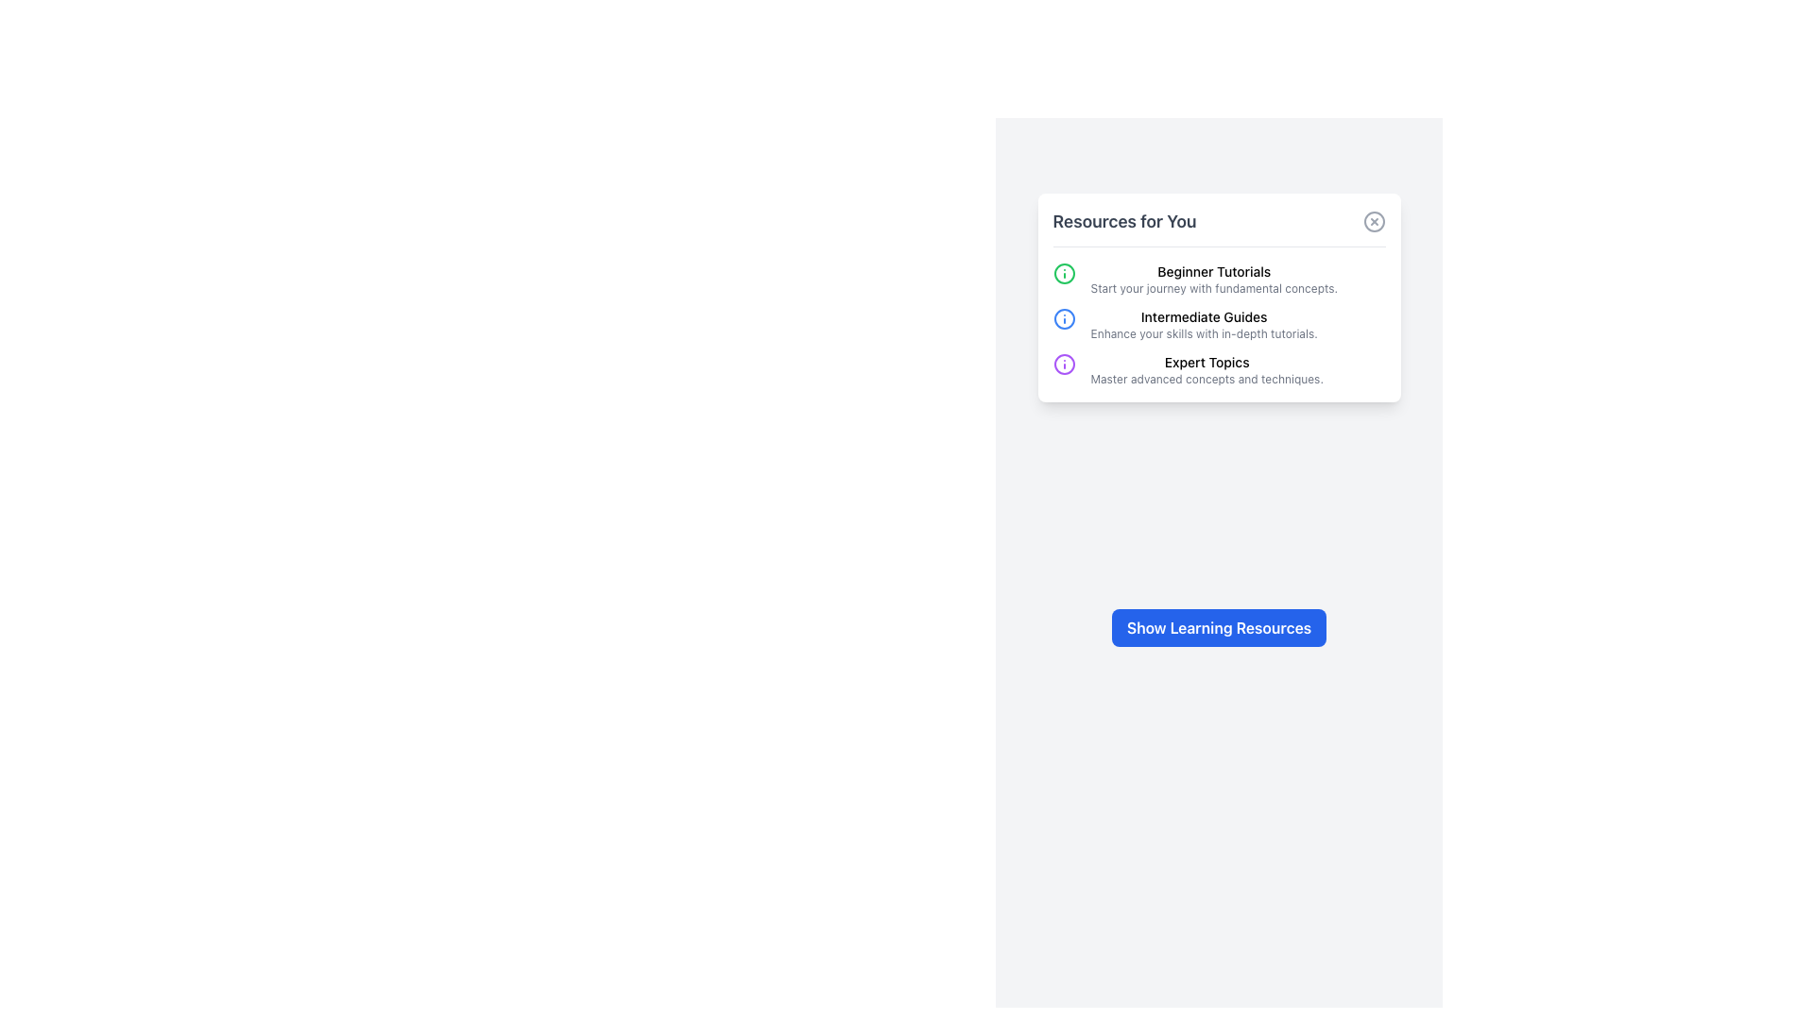 The width and height of the screenshot is (1814, 1020). Describe the element at coordinates (1214, 272) in the screenshot. I see `the text label that serves as the header for the beginner's tutorial section, located at the top of the card under 'Resources for You'` at that location.